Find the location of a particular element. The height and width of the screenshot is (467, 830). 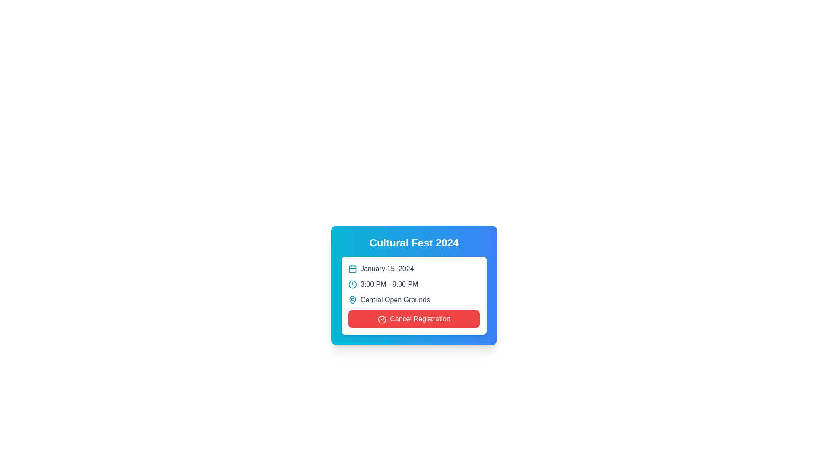

the cyan calendar icon located to the left of the text 'January 15, 2024' for information is located at coordinates (353, 268).